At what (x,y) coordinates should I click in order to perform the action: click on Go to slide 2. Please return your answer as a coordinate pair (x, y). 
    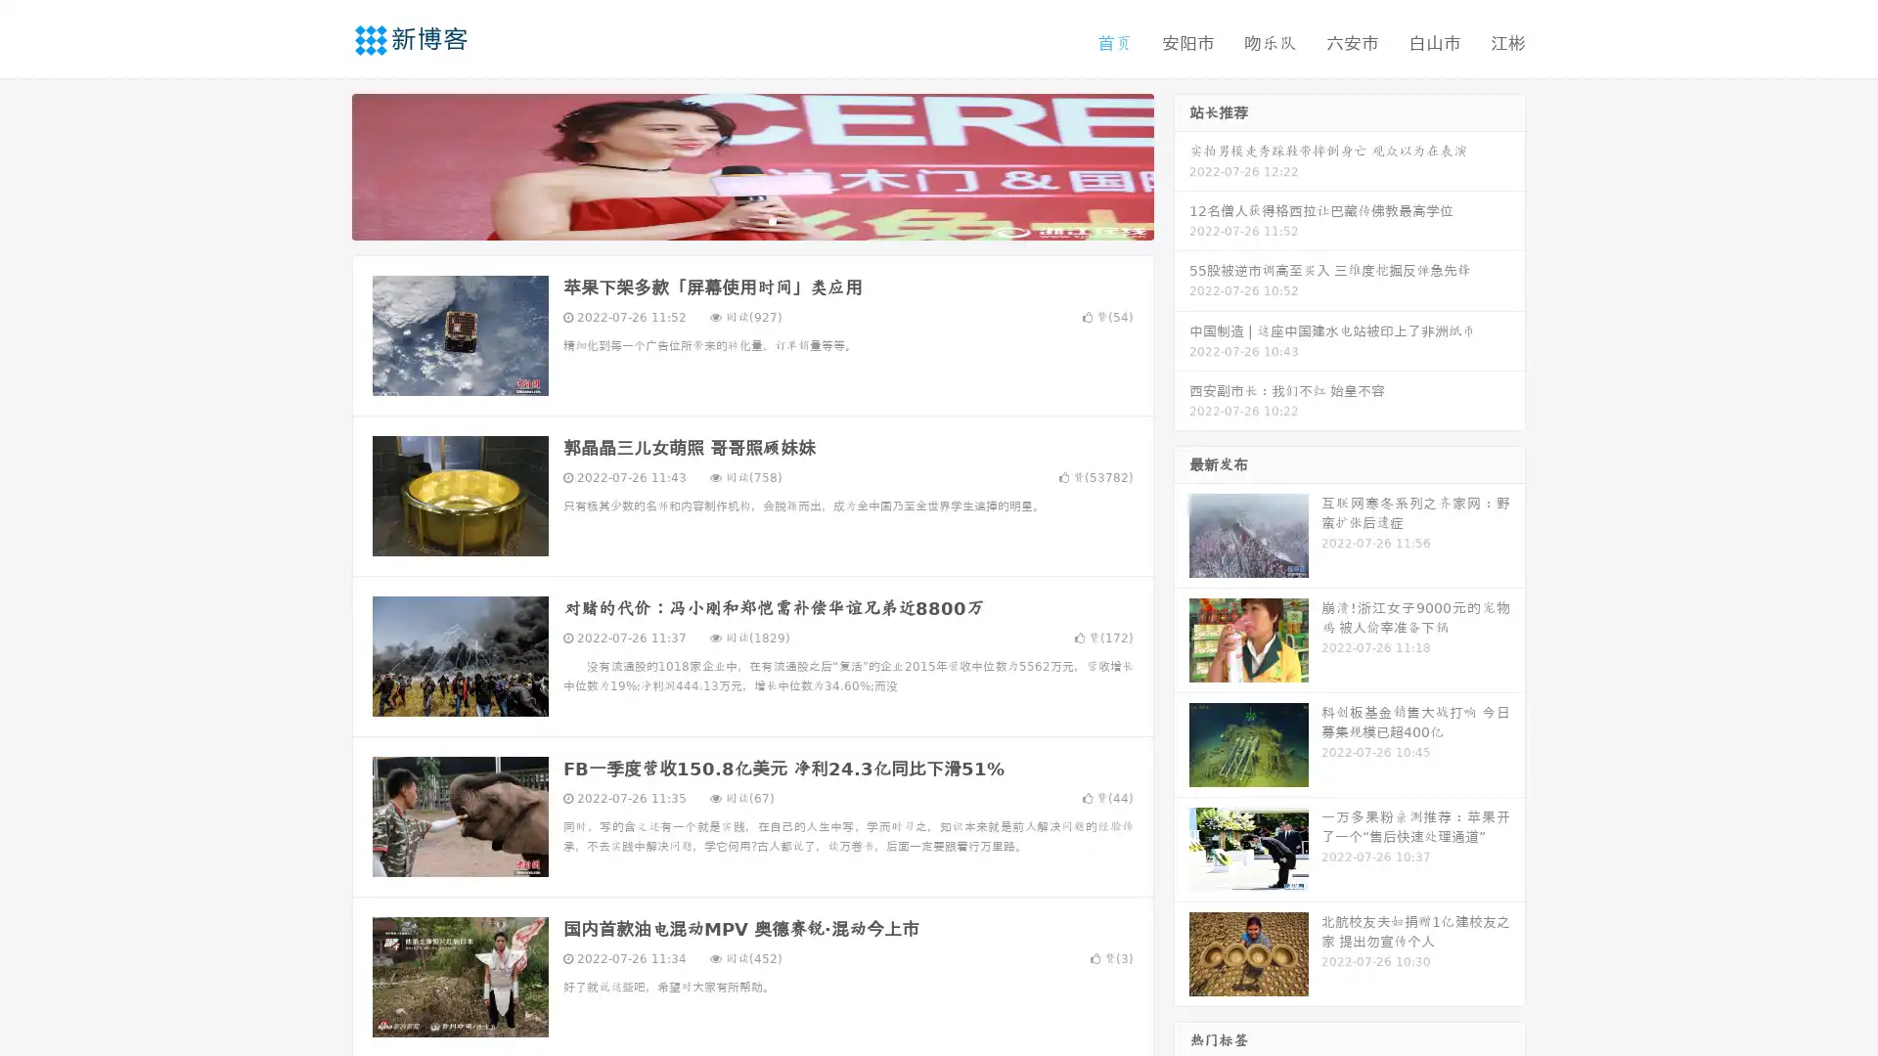
    Looking at the image, I should click on (751, 220).